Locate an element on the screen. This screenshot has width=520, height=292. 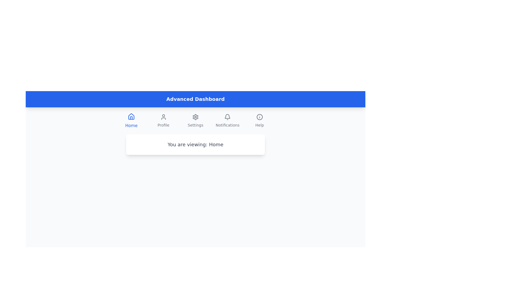
the circular information icon located in the navigation bar above the 'Help' text is located at coordinates (259, 117).